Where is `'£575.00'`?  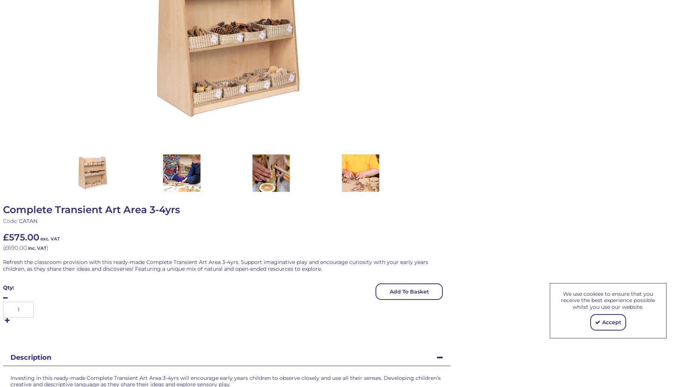
'£575.00' is located at coordinates (21, 237).